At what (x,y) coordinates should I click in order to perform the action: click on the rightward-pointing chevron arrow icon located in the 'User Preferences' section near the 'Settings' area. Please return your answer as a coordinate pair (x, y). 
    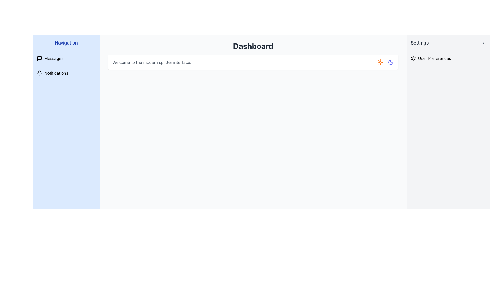
    Looking at the image, I should click on (483, 43).